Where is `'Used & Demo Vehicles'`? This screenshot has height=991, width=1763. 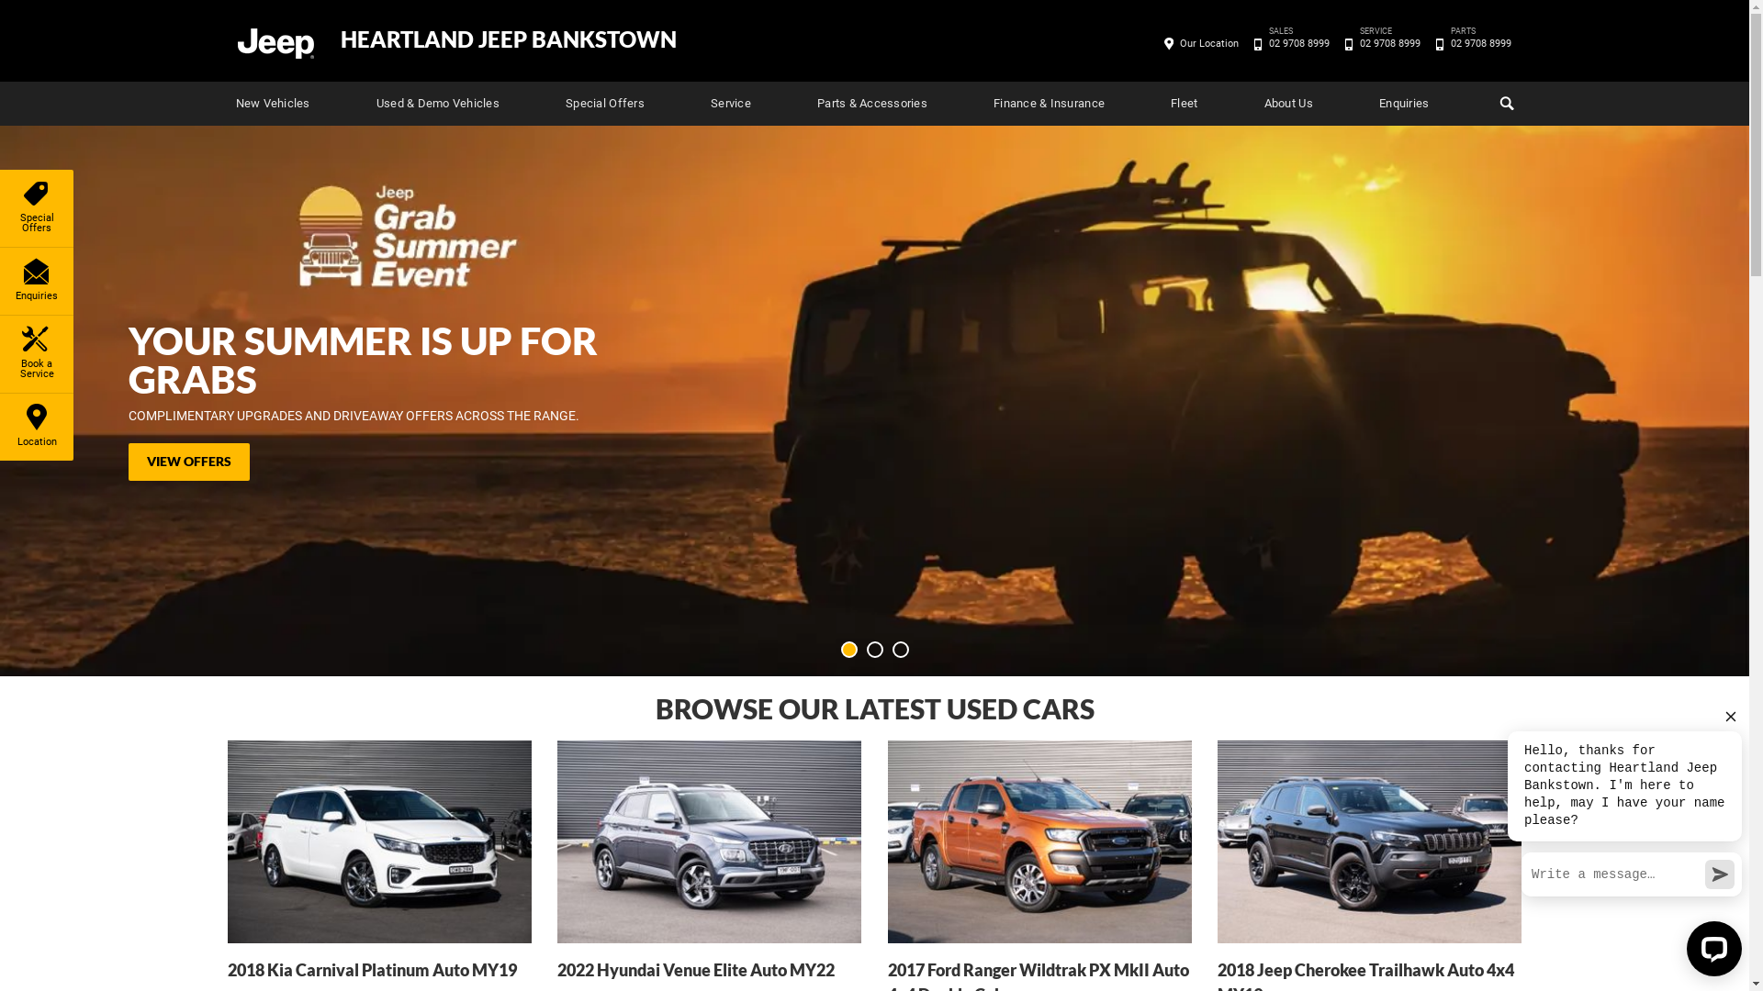 'Used & Demo Vehicles' is located at coordinates (436, 103).